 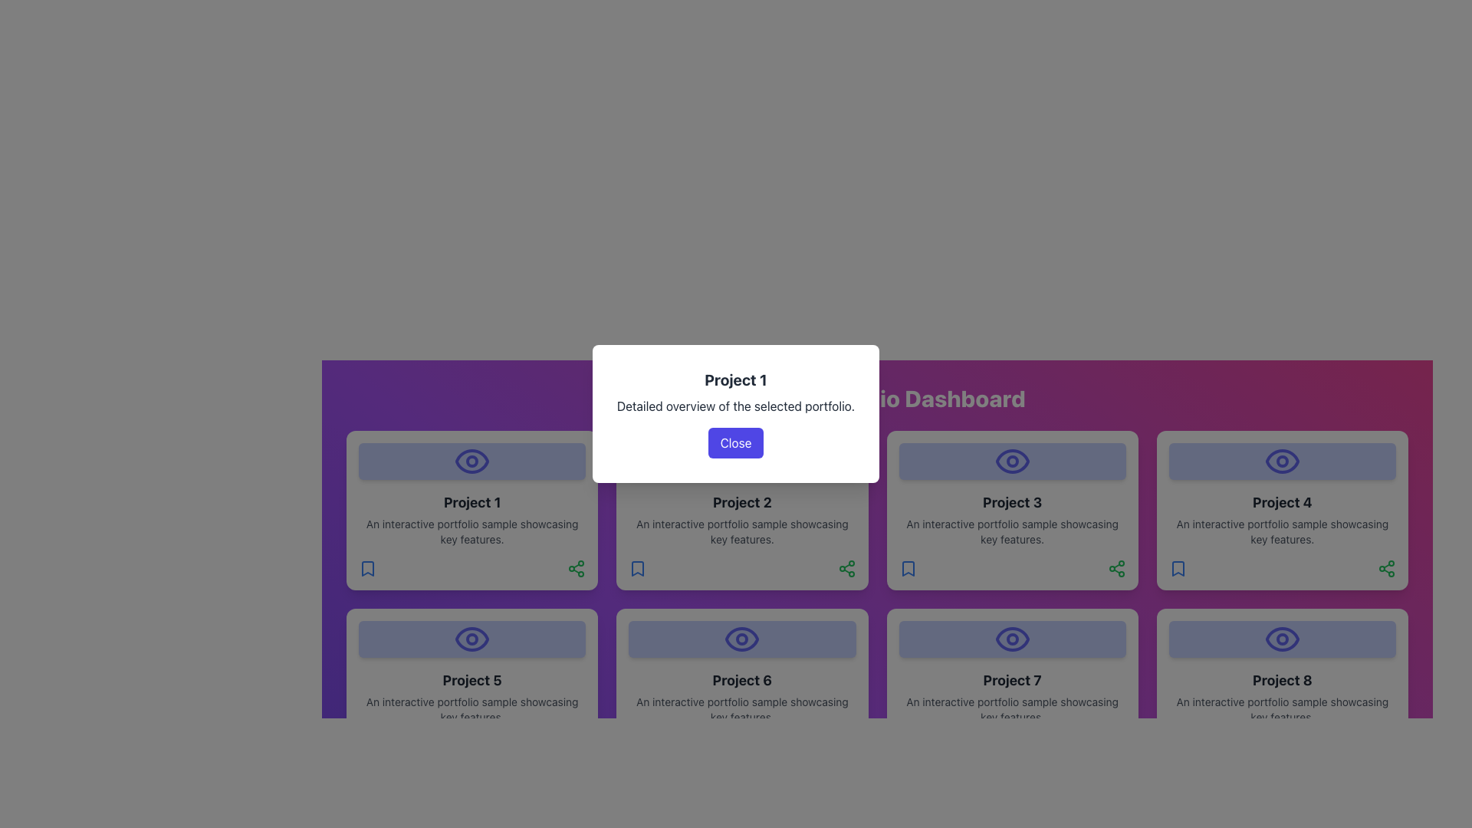 I want to click on the stylized blue eye icon located in the 'Project 3' card, positioned in the second row, rightmost column of the grid layout, so click(x=1012, y=460).